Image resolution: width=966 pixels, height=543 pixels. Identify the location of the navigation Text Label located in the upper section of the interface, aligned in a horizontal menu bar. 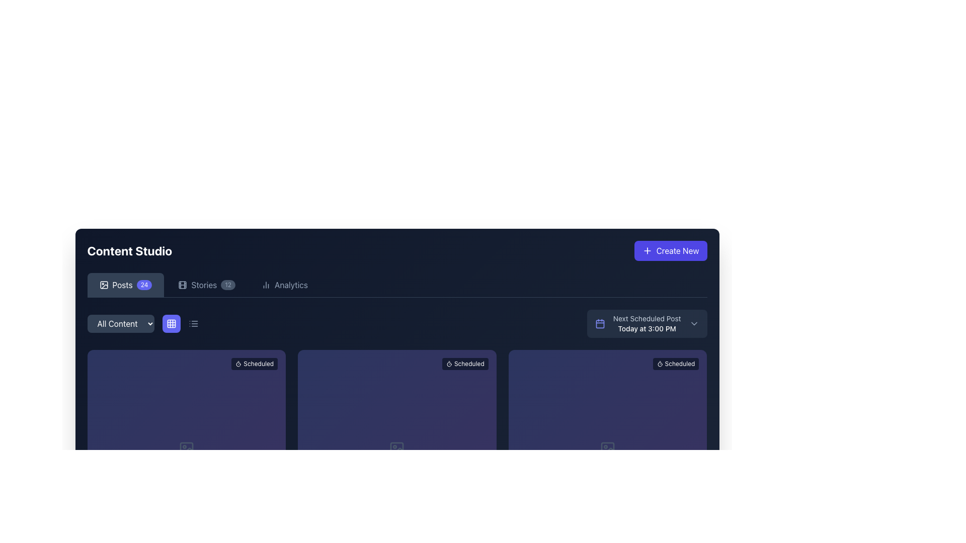
(290, 285).